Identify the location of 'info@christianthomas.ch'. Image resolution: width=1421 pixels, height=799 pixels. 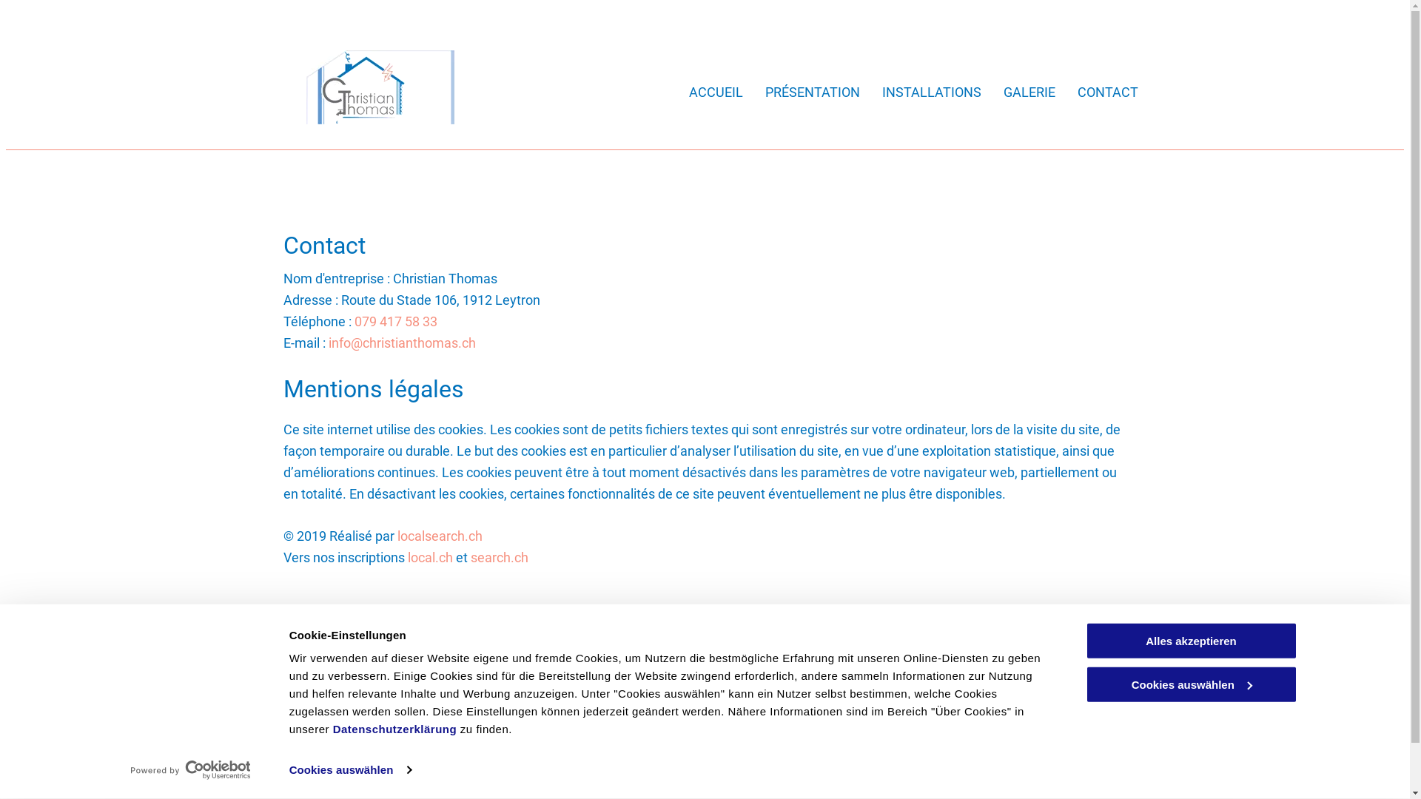
(402, 343).